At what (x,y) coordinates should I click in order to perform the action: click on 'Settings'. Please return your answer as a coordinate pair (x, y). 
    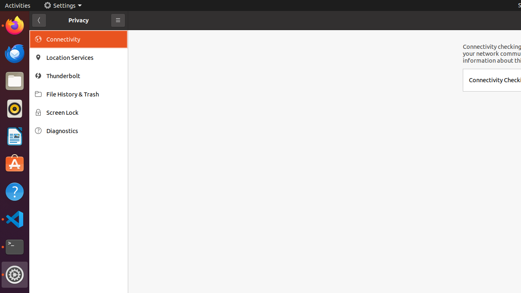
    Looking at the image, I should click on (62, 5).